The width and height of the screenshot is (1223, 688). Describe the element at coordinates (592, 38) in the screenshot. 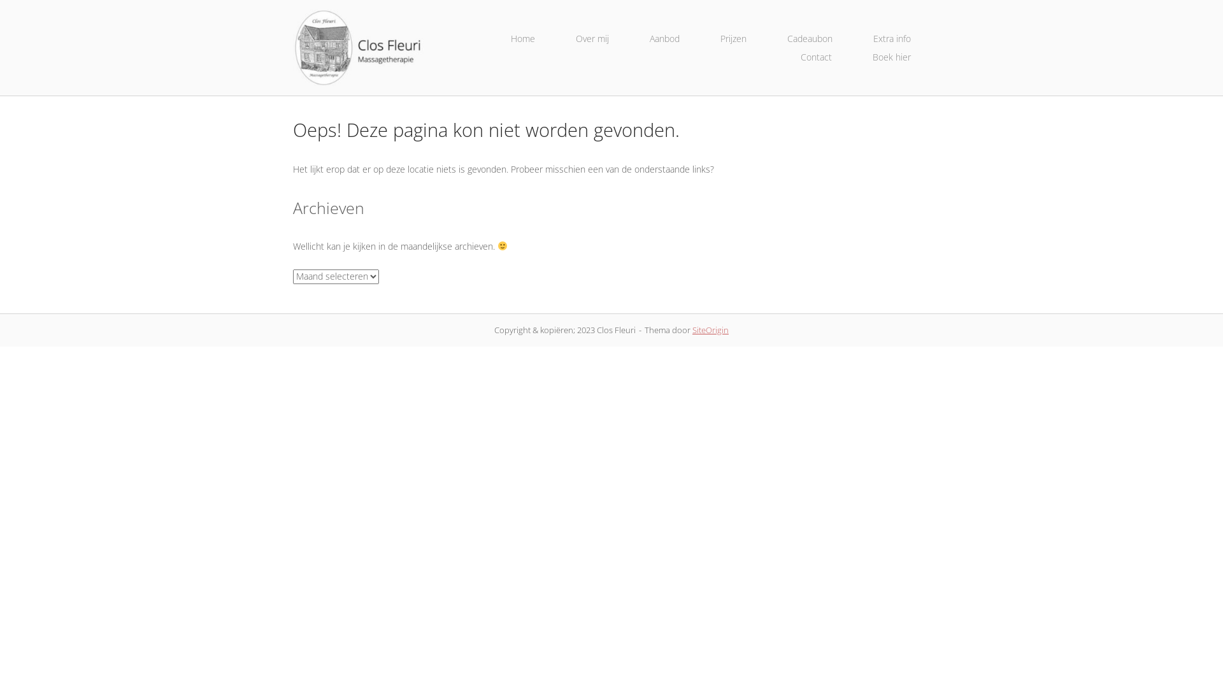

I see `'Over mij'` at that location.